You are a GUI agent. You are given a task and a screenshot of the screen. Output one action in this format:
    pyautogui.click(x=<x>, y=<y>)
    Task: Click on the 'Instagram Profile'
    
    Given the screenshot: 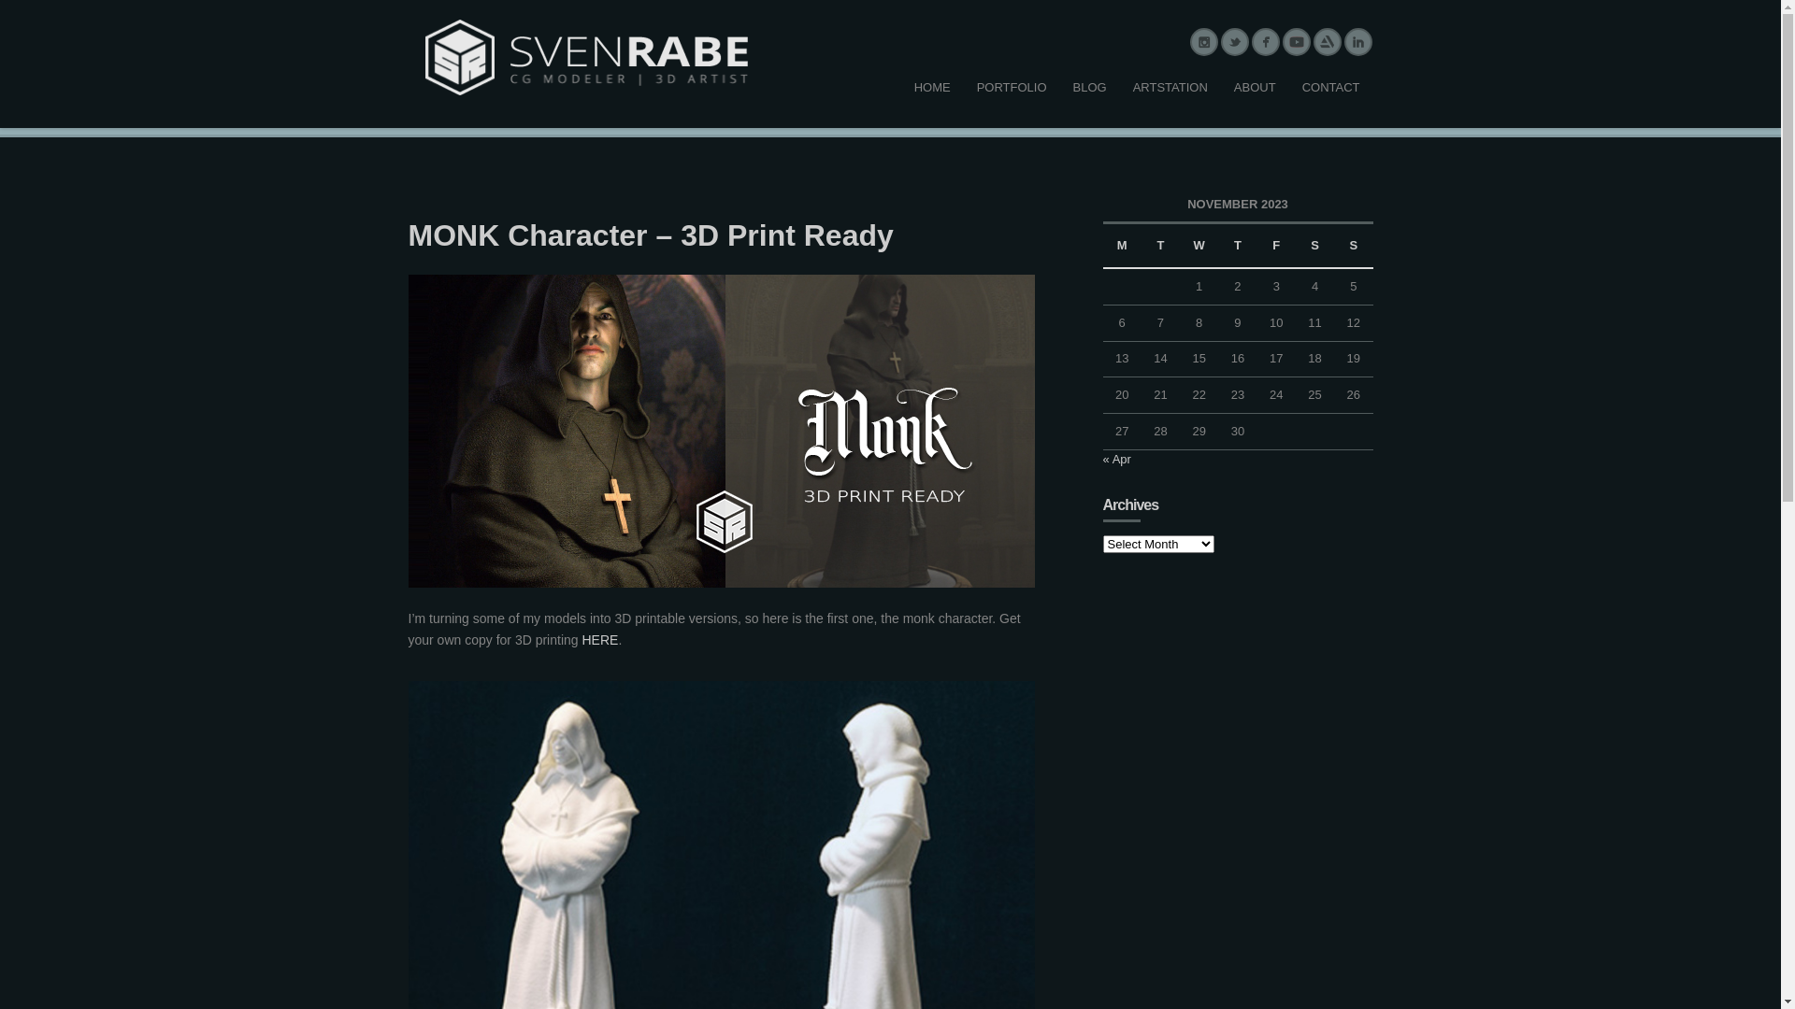 What is the action you would take?
    pyautogui.click(x=1203, y=42)
    